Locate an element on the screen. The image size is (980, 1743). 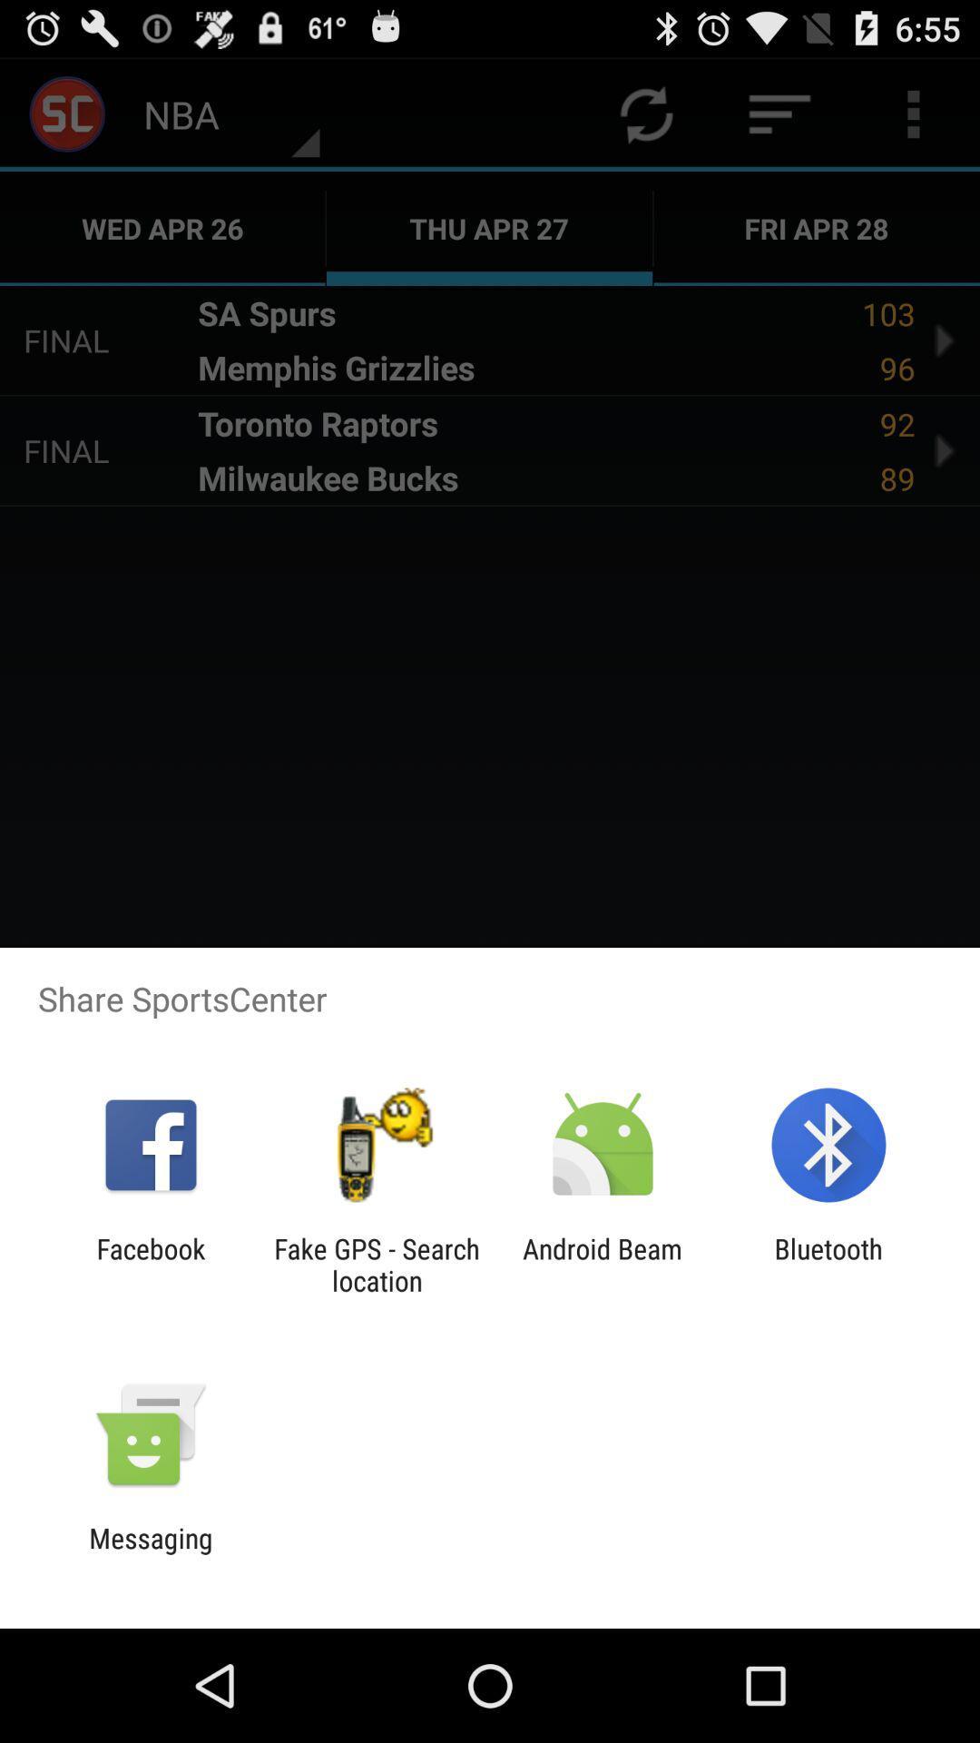
icon to the left of the fake gps search app is located at coordinates (150, 1264).